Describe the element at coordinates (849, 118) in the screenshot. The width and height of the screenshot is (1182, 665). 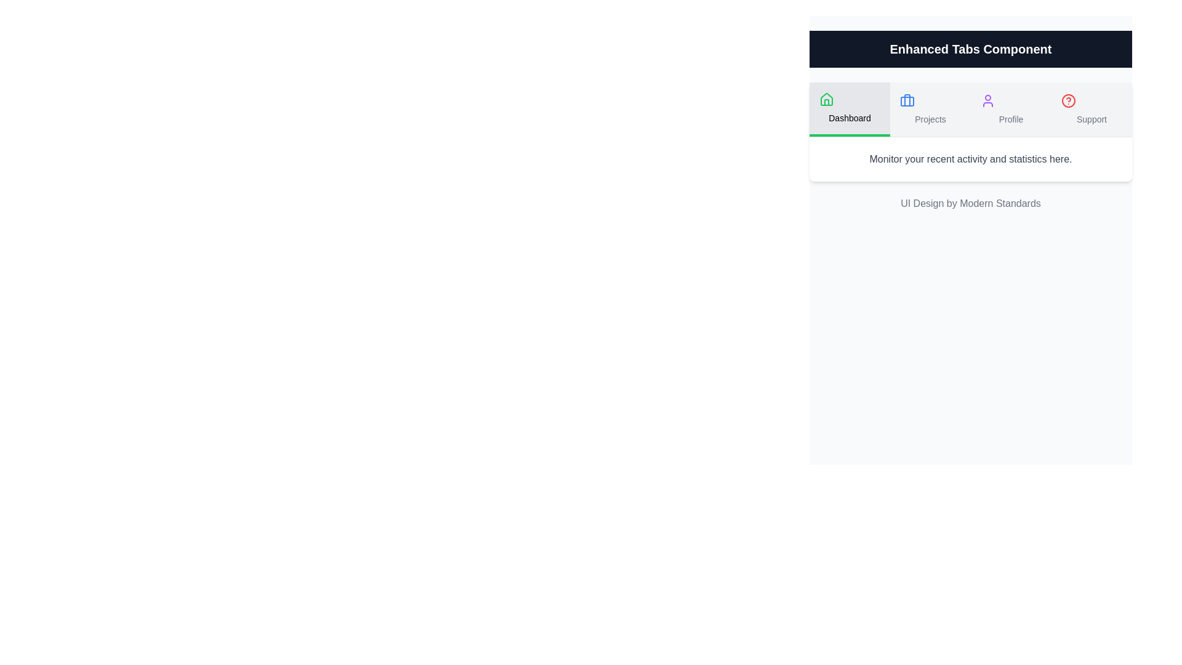
I see `the 'Dashboard' label located in the first navigation tab, directly below the house icon in the top navigation bar` at that location.